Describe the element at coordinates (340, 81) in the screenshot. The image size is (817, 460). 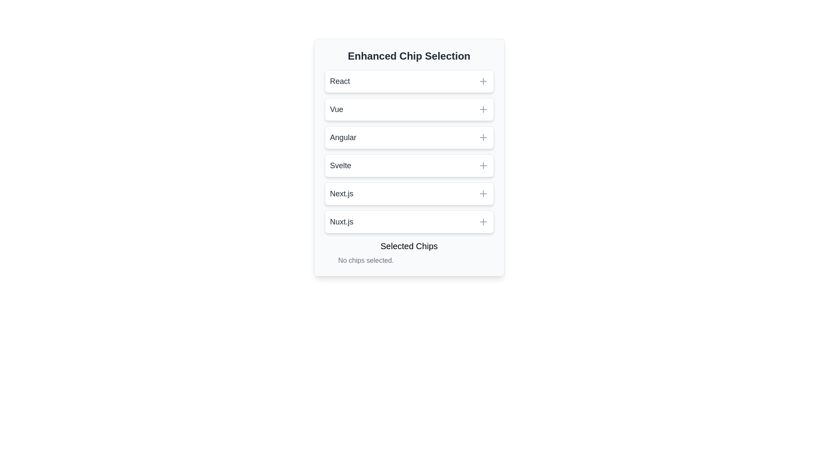
I see `the 'React' text label located at the top of the vertically arranged list` at that location.